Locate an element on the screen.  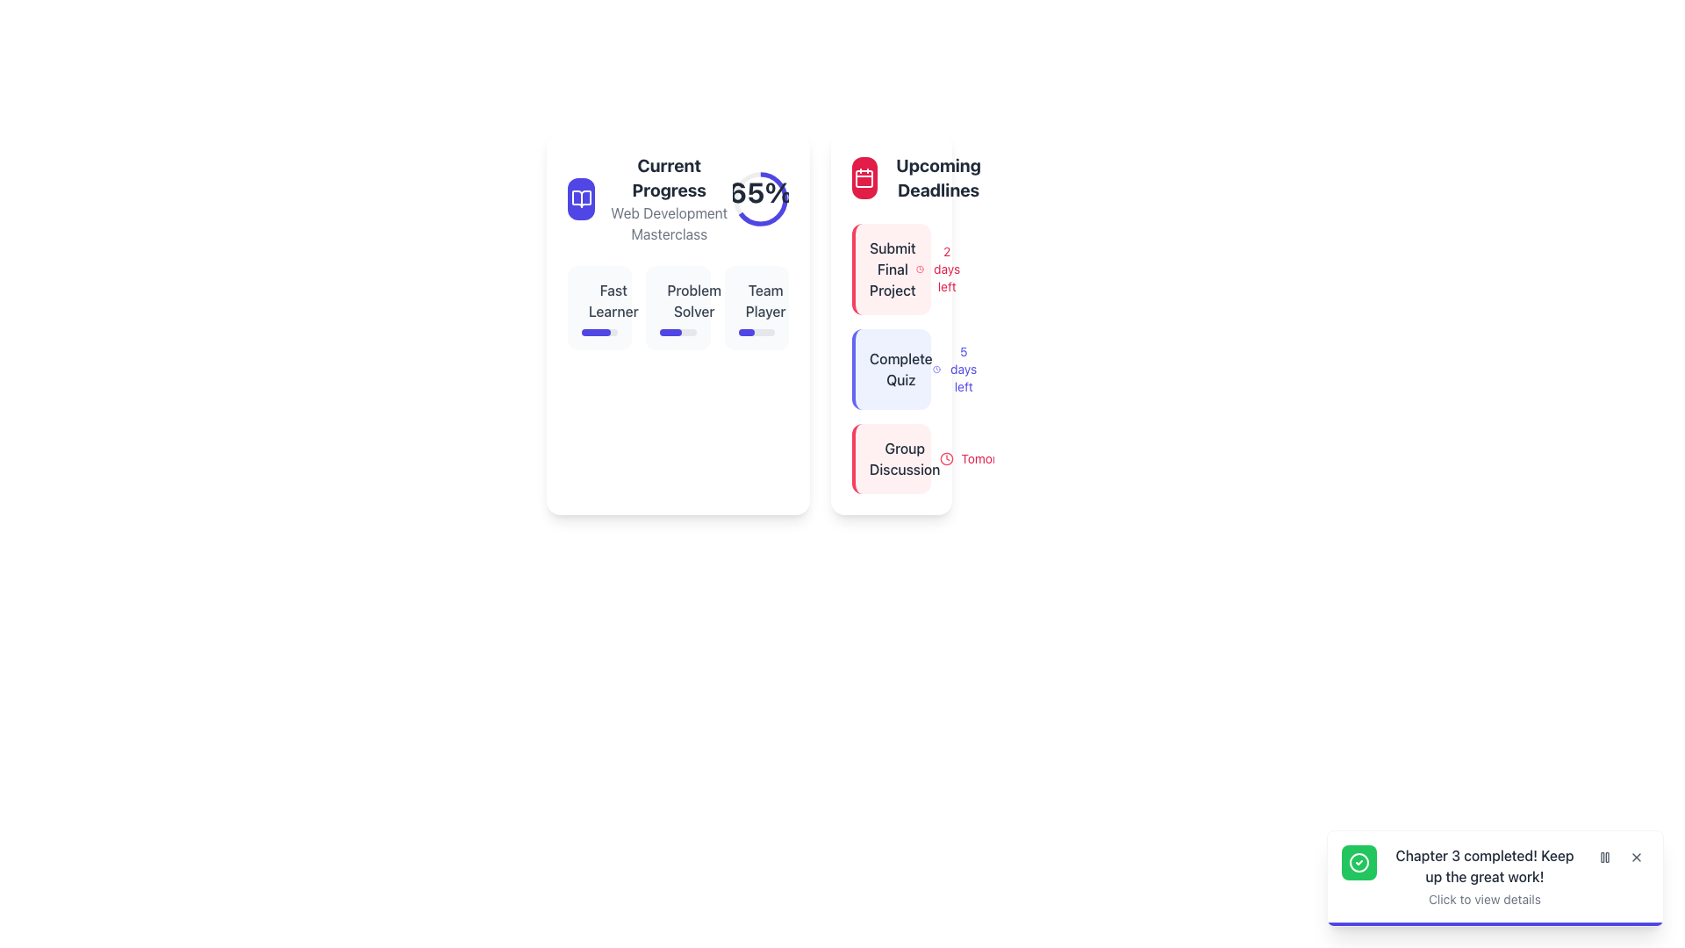
the dark indigo progress bar segment with rounded edges located under the 'Problem Solver' label is located at coordinates (670, 332).